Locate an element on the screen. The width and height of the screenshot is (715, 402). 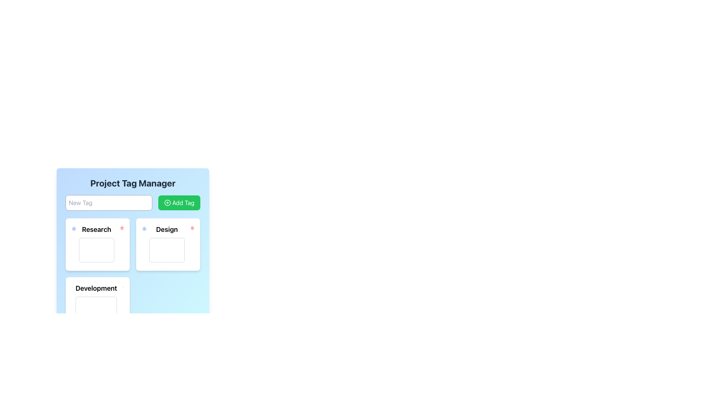
the 'Add Tag' button located to the right of the 'New Tag' text input field in the 'Project Tag Manager' interface is located at coordinates (179, 202).